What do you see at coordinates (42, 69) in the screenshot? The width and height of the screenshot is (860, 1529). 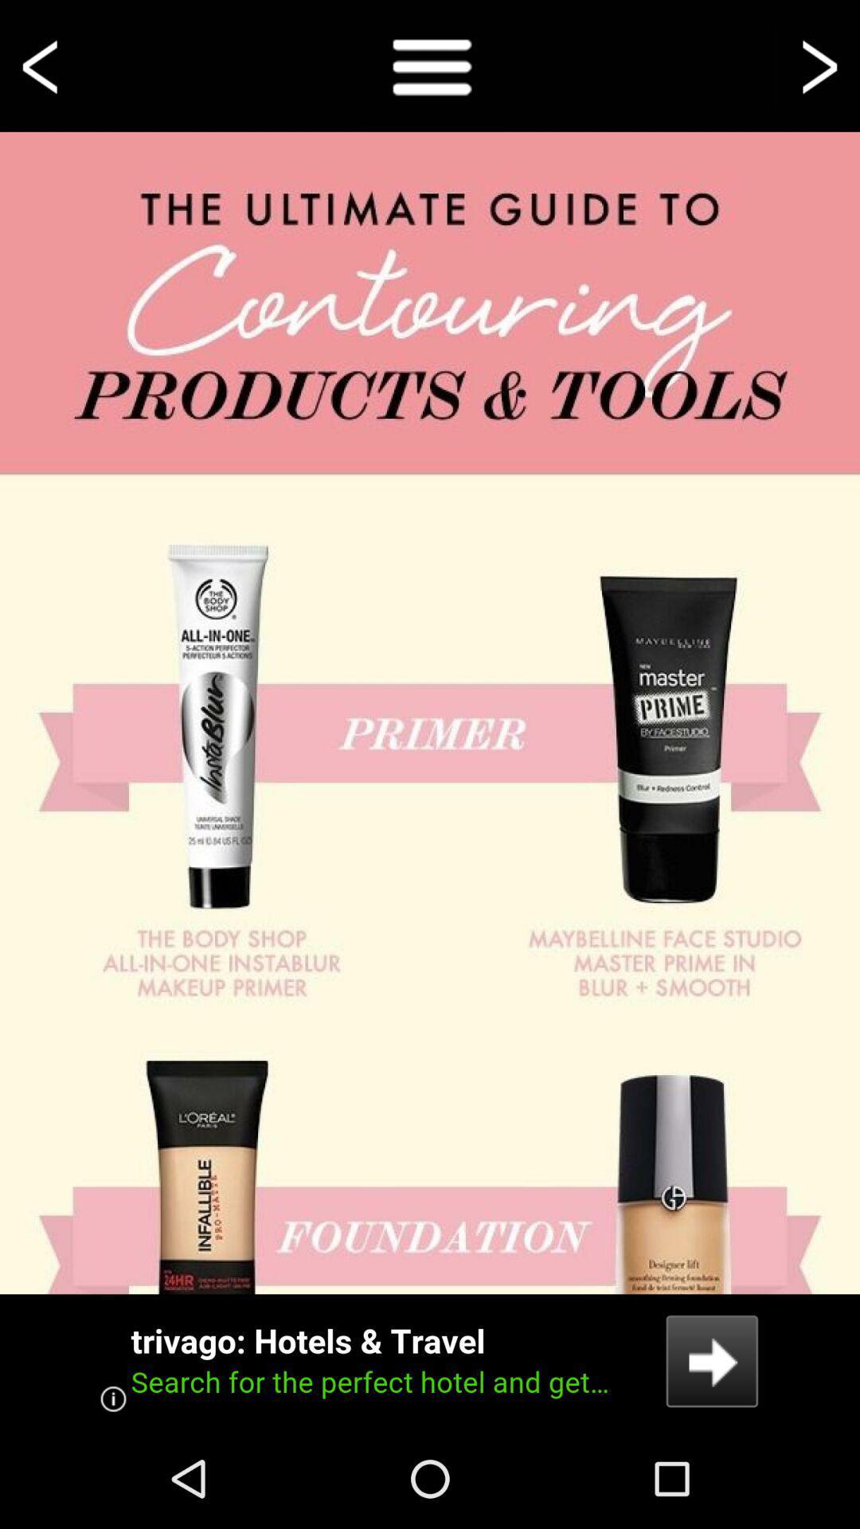 I see `the arrow_backward icon` at bounding box center [42, 69].